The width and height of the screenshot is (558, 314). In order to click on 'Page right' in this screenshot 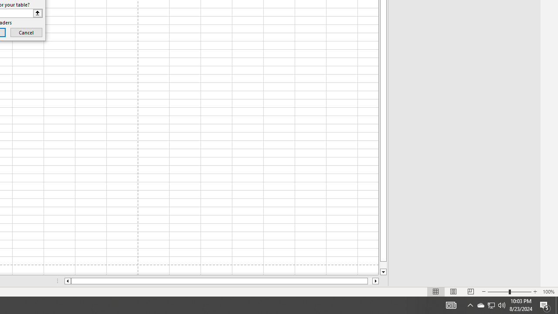, I will do `click(370, 281)`.